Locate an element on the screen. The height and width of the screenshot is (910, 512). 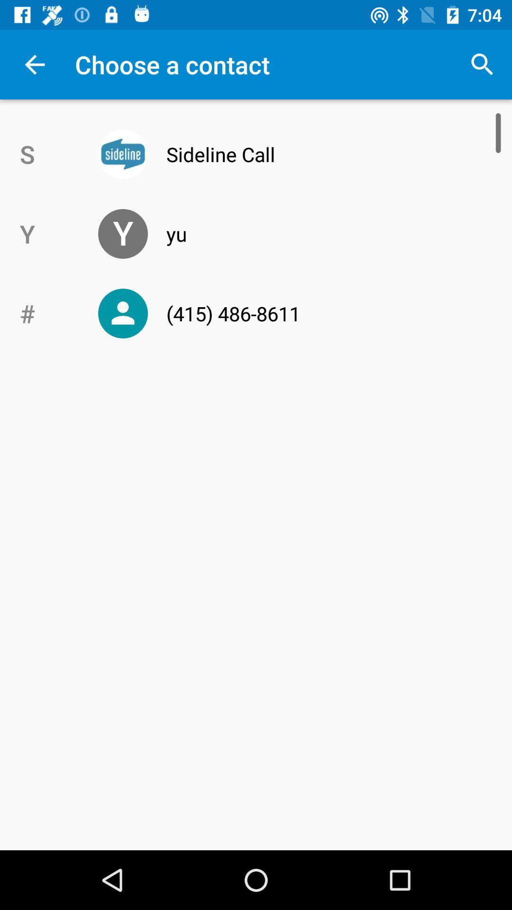
item at the top right corner is located at coordinates (482, 64).